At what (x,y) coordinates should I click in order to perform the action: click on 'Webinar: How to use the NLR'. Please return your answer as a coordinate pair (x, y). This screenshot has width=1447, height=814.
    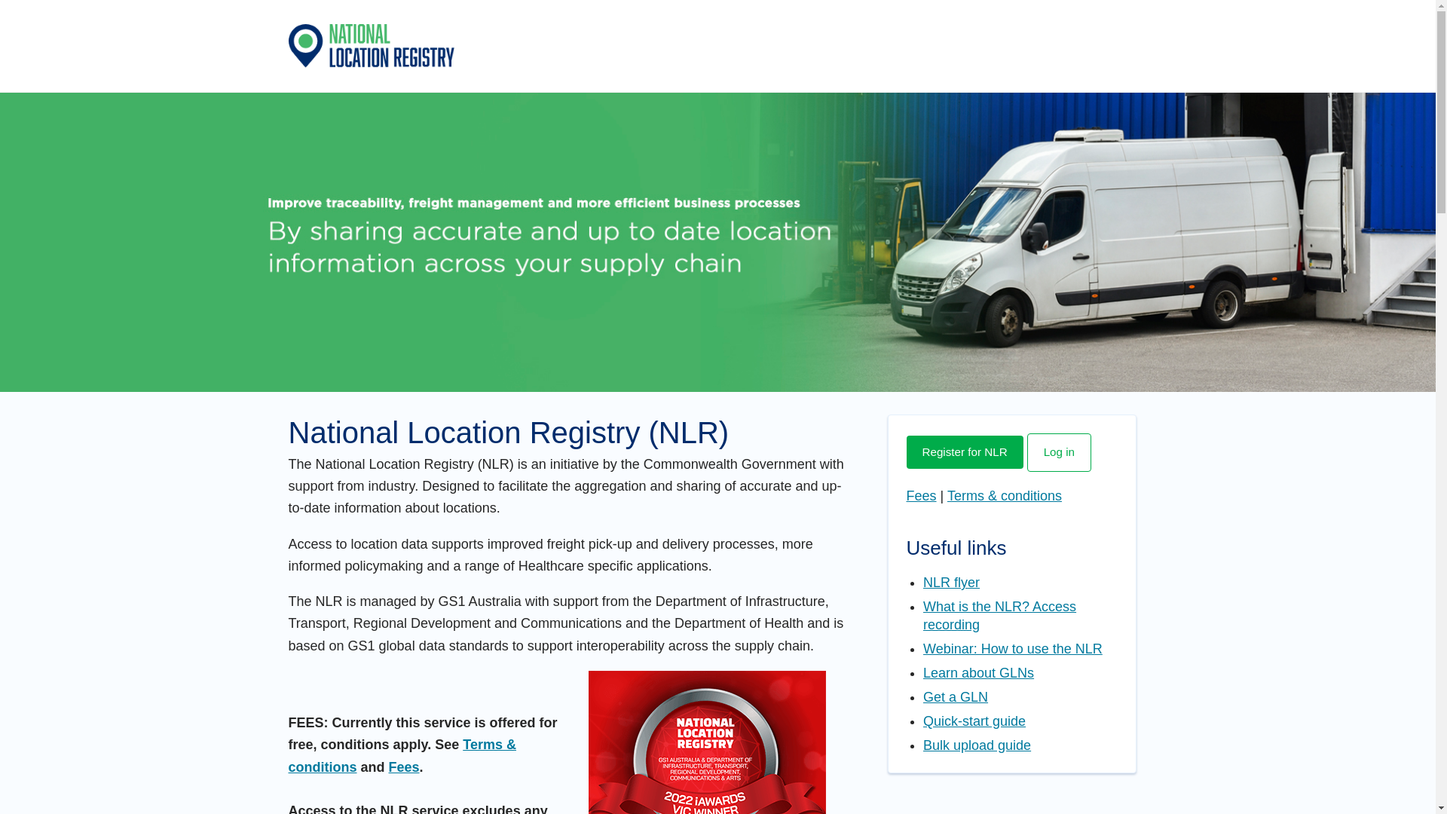
    Looking at the image, I should click on (1013, 647).